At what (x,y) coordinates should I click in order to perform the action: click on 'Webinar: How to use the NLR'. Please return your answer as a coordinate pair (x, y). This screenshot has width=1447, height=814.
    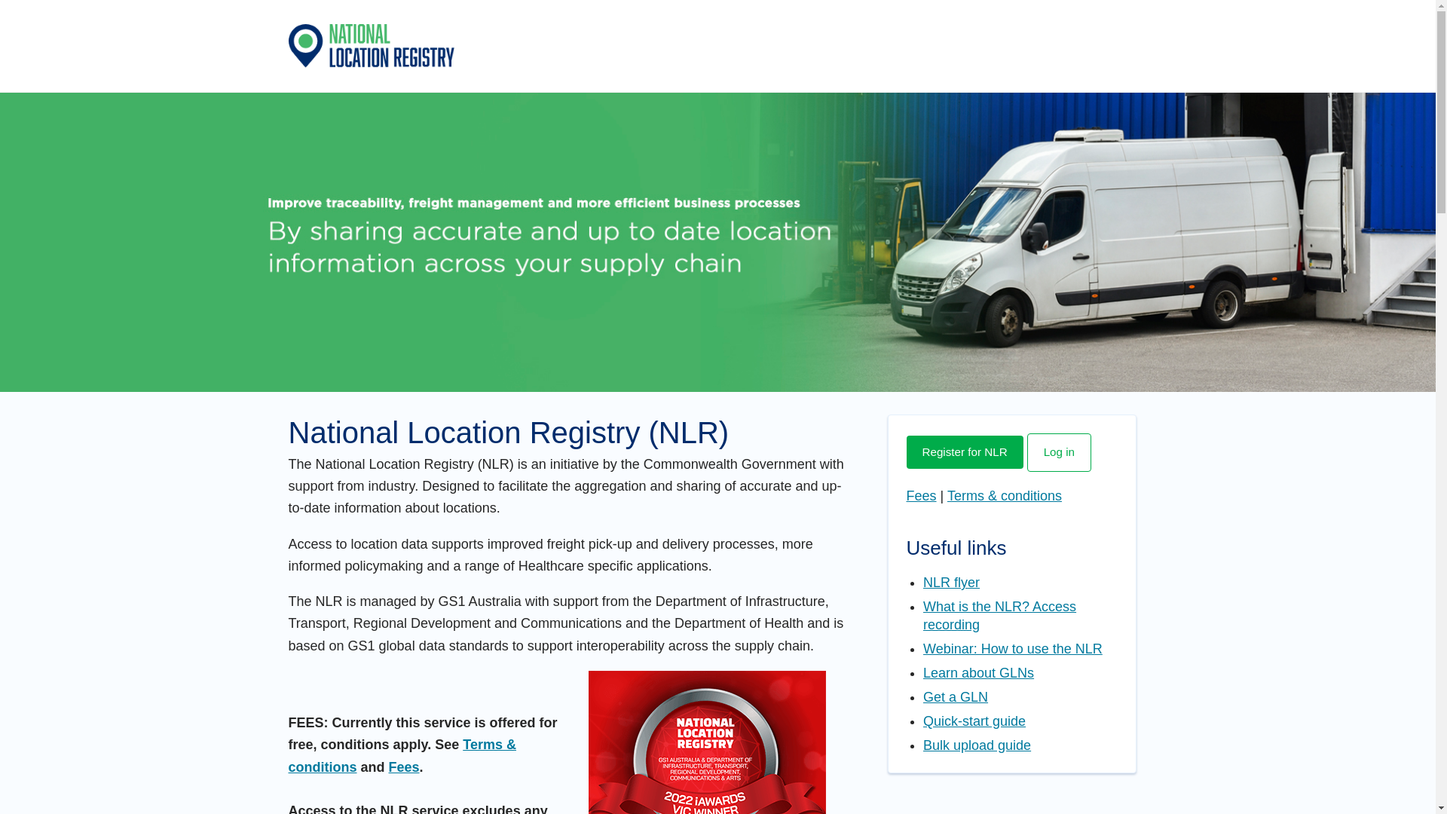
    Looking at the image, I should click on (1013, 647).